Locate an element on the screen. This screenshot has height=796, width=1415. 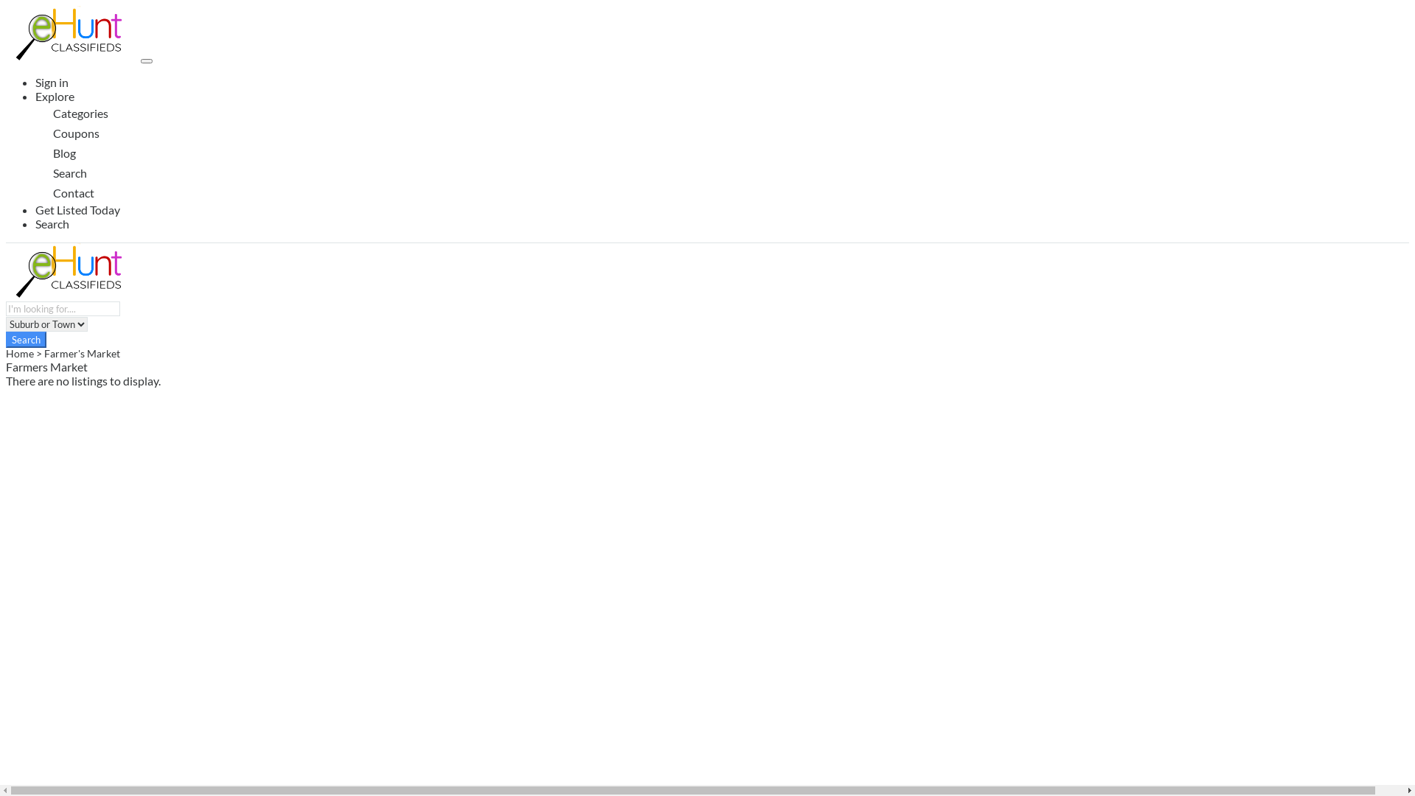
'Sign in' is located at coordinates (52, 82).